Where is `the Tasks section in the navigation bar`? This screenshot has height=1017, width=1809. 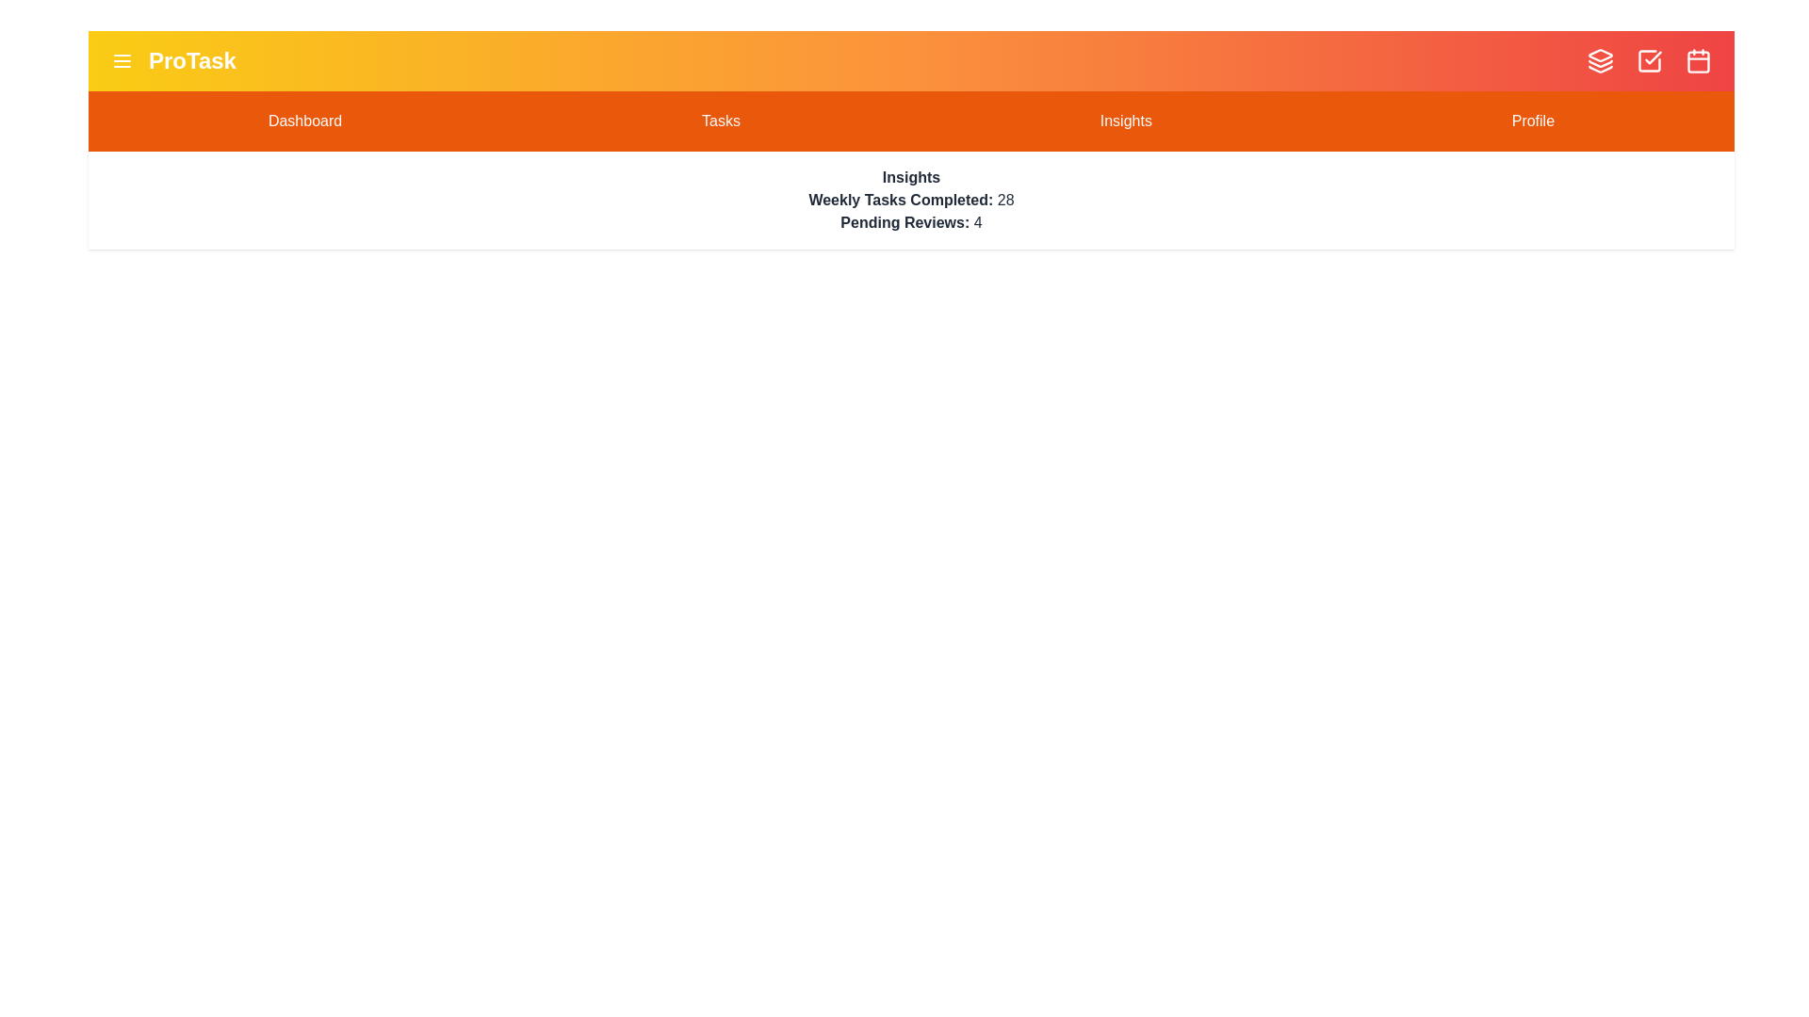
the Tasks section in the navigation bar is located at coordinates (719, 121).